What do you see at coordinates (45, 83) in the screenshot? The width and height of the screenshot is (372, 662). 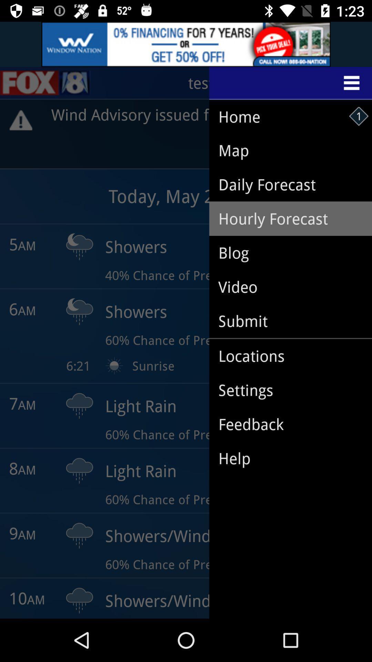 I see `the sliders icon` at bounding box center [45, 83].